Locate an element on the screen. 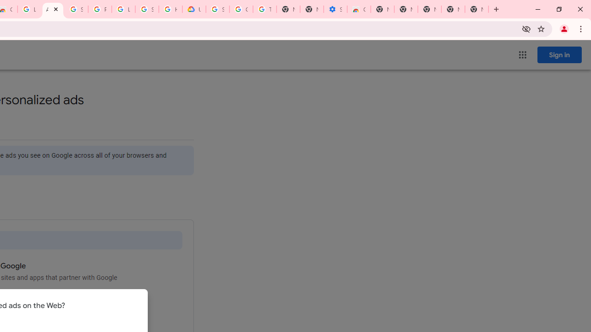 This screenshot has height=332, width=591. 'Sign in - Google Accounts' is located at coordinates (76, 9).